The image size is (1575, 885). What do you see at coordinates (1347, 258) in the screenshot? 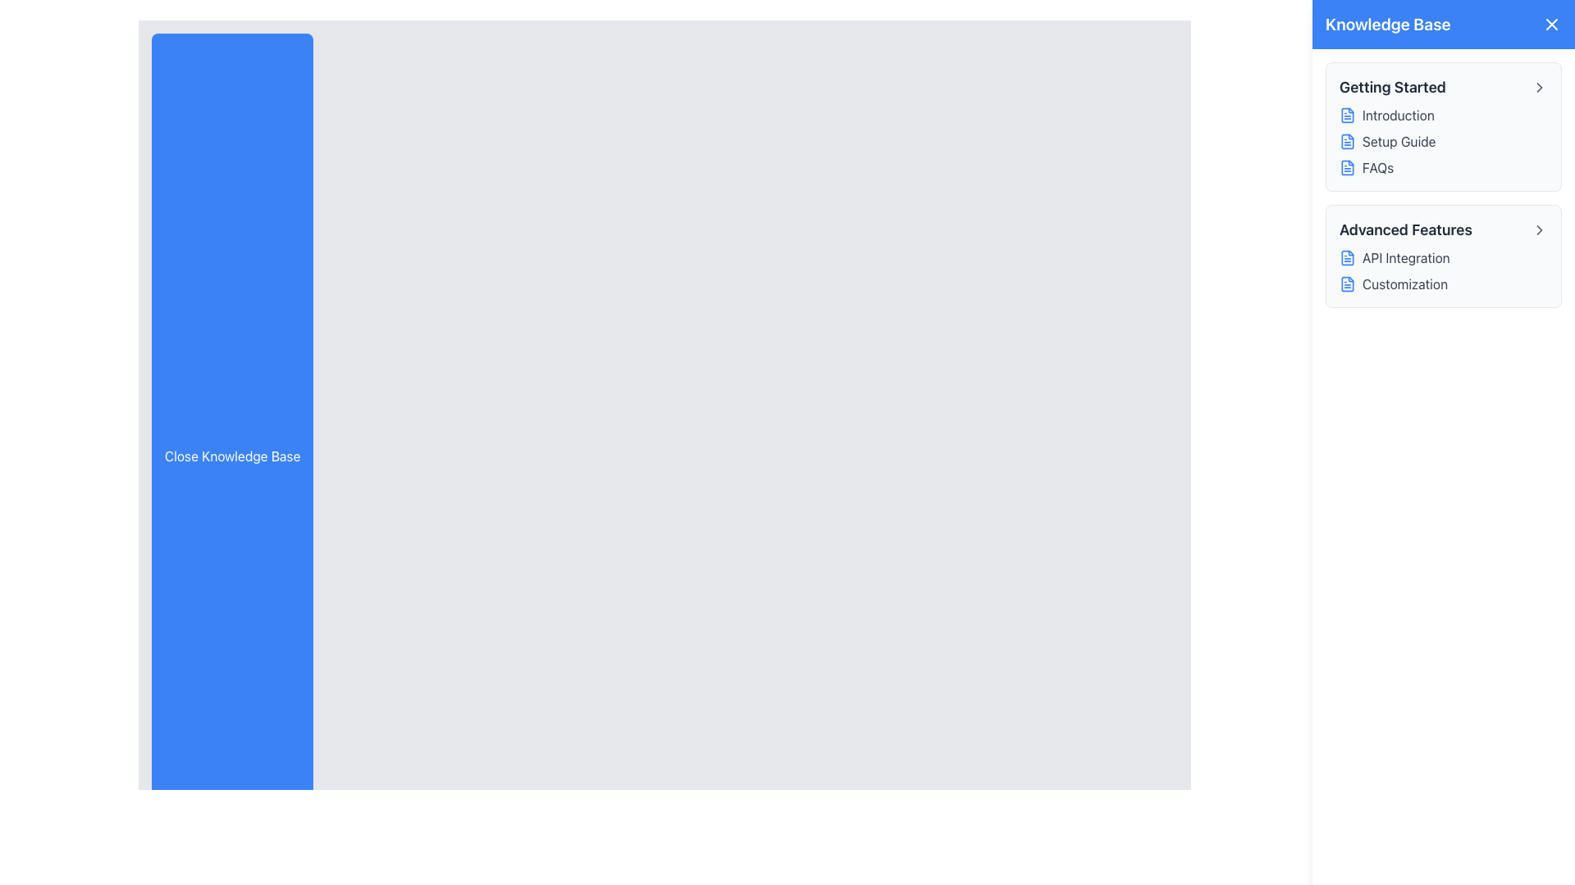
I see `the small square blue icon representing a document located to the left of the text 'API Integration' in the 'Advanced Features' section of the sidebar to recognize it as a representation of 'API Integration'` at bounding box center [1347, 258].